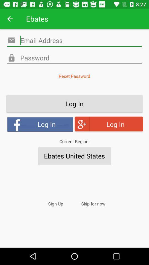 Image resolution: width=149 pixels, height=265 pixels. Describe the element at coordinates (74, 40) in the screenshot. I see `write email address for login` at that location.